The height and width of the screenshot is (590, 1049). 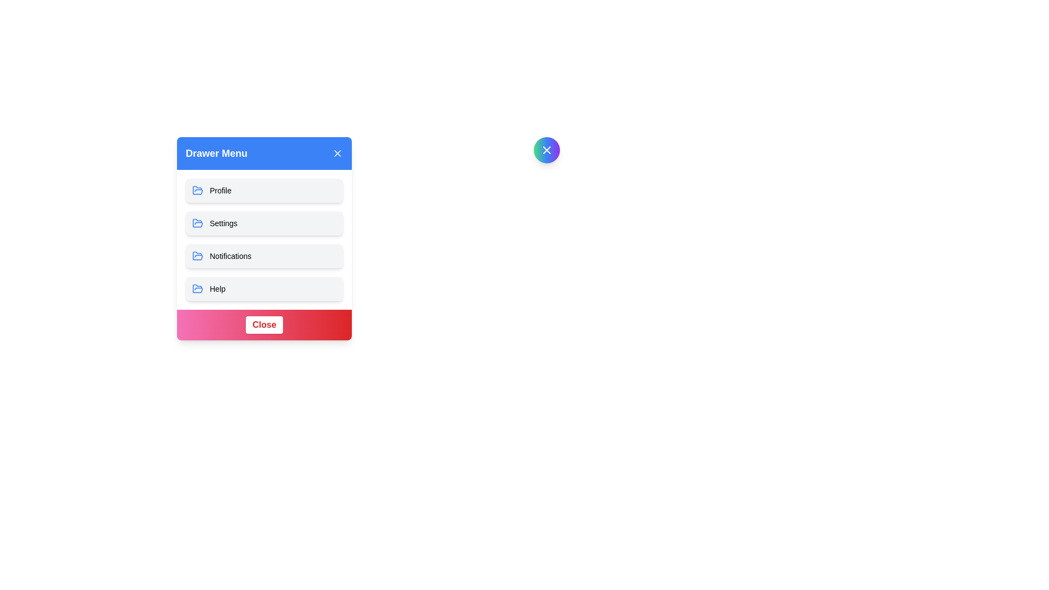 What do you see at coordinates (264, 324) in the screenshot?
I see `the 'Close' button with a white background and red text located at the bottom edge of the menu panel` at bounding box center [264, 324].